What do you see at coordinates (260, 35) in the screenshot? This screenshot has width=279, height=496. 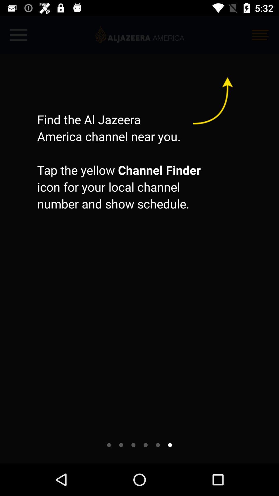 I see `the menu icon` at bounding box center [260, 35].